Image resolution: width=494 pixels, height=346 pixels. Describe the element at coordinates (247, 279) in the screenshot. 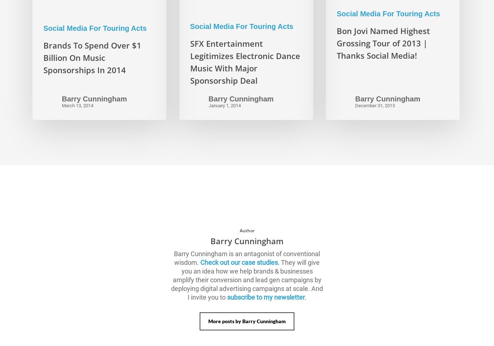

I see `'They will give you an idea how we help brands & businesses amplify their conversion and lead gen campaigns by deploying digital advertising campaigns at scale.

And I invite you to'` at that location.